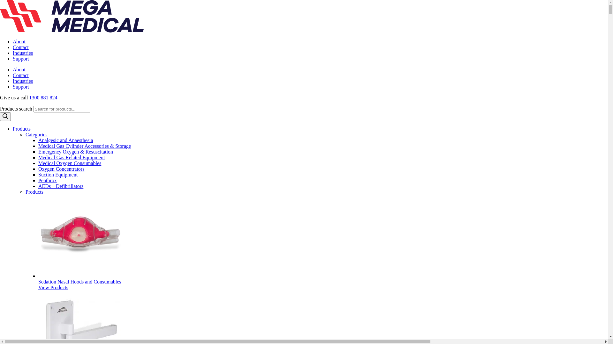 The width and height of the screenshot is (613, 344). Describe the element at coordinates (66, 140) in the screenshot. I see `'Analgesic and Anaesthesia'` at that location.